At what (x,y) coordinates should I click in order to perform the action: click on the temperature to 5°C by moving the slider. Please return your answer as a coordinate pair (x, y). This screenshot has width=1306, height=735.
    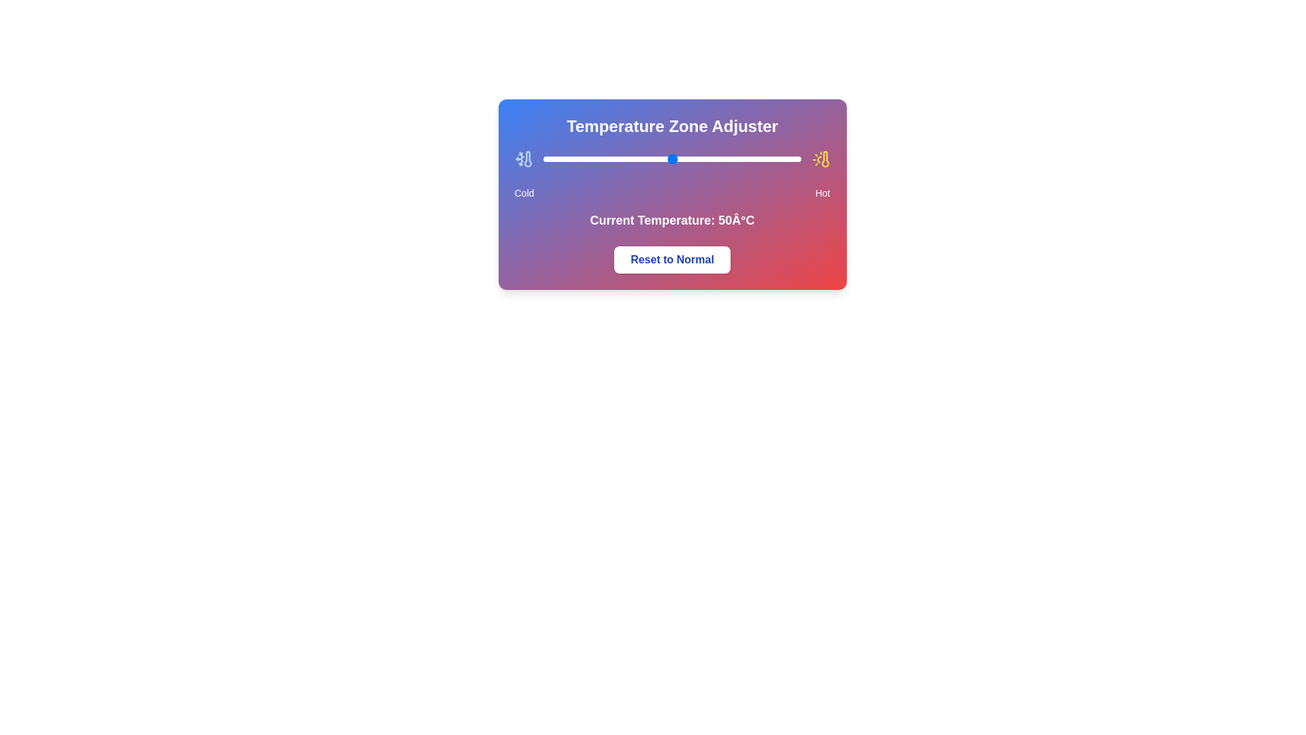
    Looking at the image, I should click on (556, 159).